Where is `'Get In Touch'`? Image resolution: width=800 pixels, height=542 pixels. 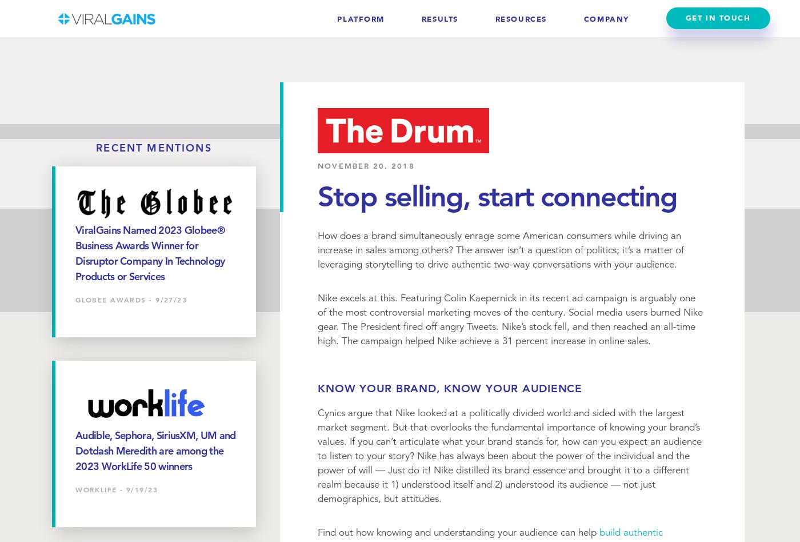
'Get In Touch' is located at coordinates (717, 17).